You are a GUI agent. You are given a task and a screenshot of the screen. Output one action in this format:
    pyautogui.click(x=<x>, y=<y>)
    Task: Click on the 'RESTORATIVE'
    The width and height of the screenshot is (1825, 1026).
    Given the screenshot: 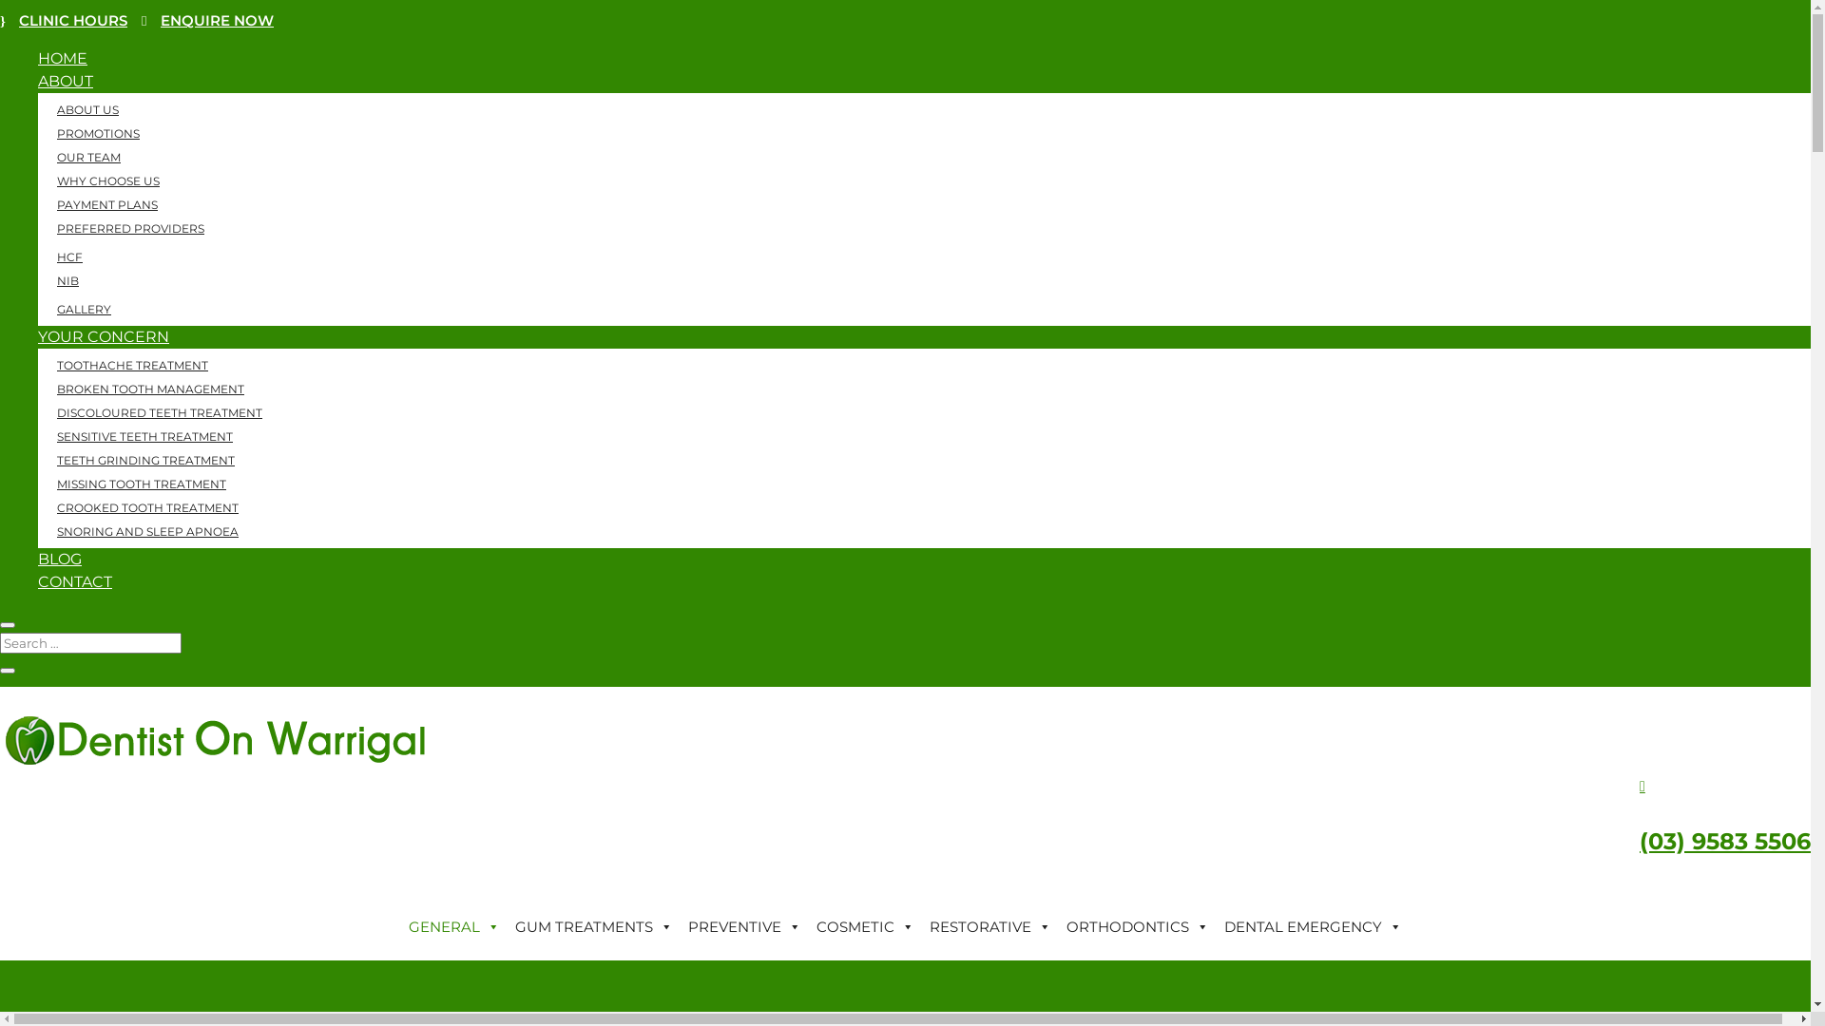 What is the action you would take?
    pyautogui.click(x=989, y=925)
    